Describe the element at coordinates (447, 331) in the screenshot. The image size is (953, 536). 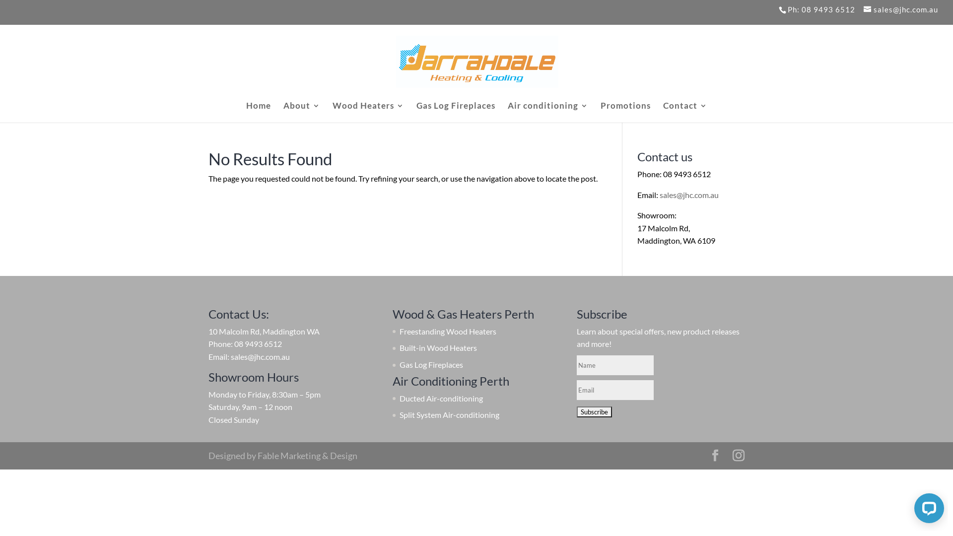
I see `'Freestanding Wood Heaters'` at that location.